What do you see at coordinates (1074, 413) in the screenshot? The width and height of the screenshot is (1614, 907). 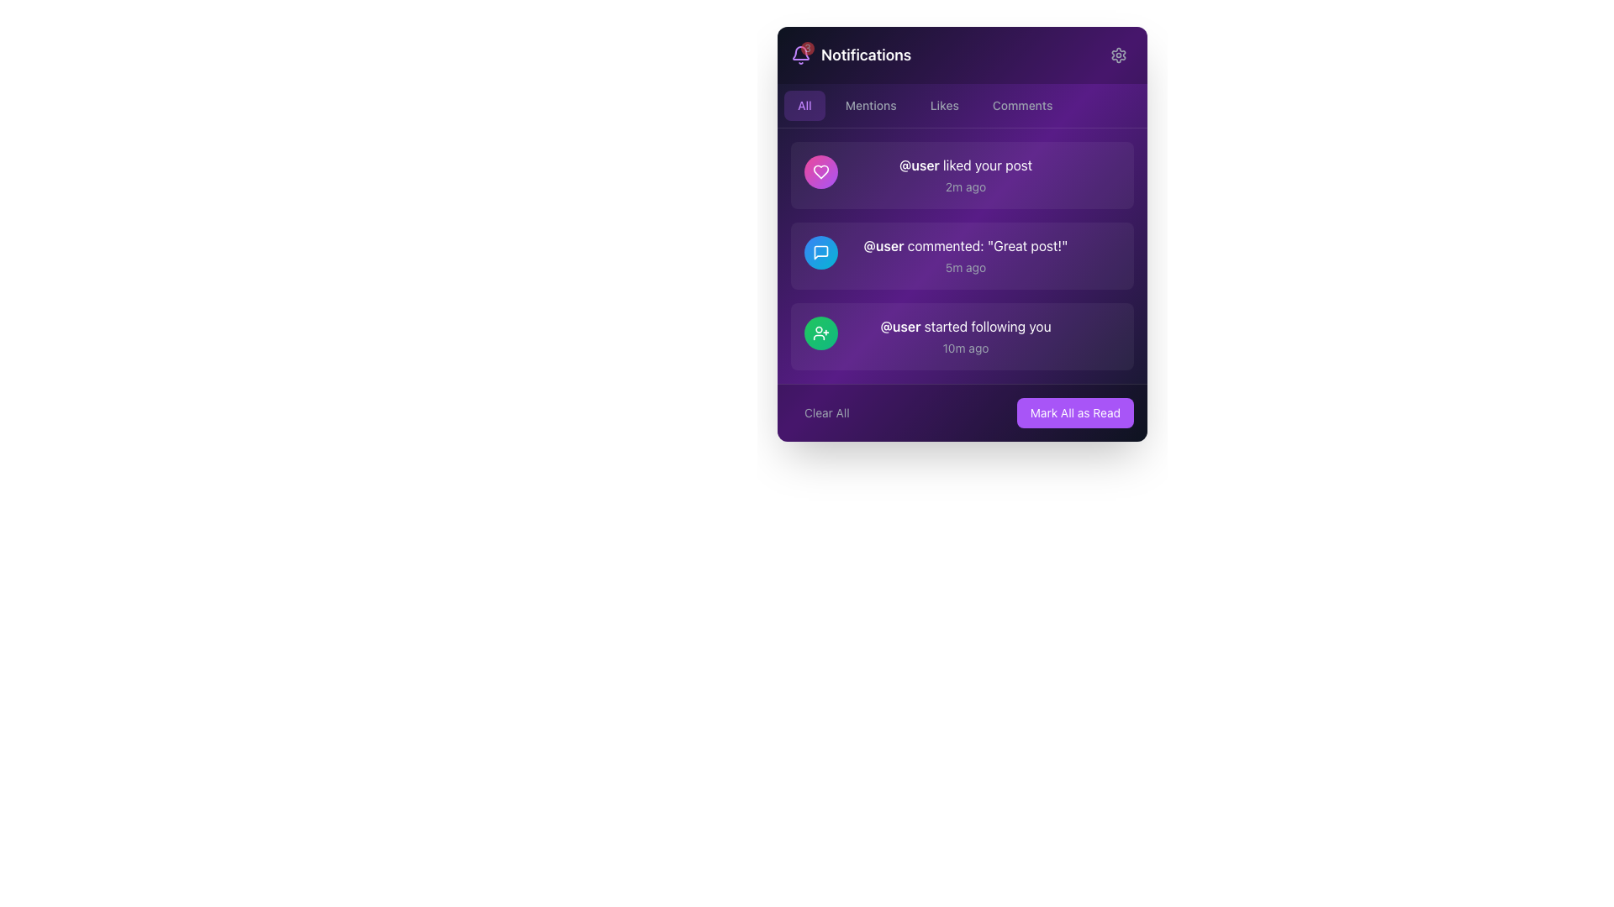 I see `the 'Mark All as Read' button, which is a light purple rectangular button with white text` at bounding box center [1074, 413].